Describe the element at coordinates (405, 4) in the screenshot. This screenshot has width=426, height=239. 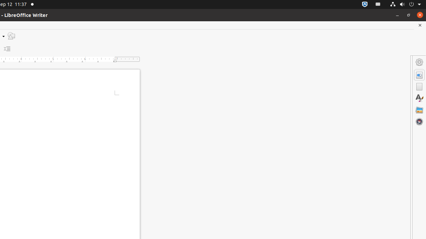
I see `'System'` at that location.